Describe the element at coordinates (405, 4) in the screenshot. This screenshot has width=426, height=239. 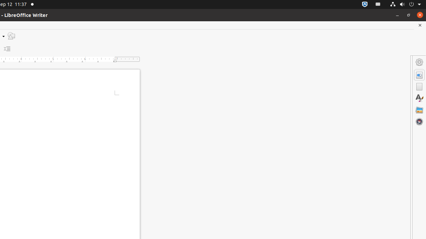
I see `'System'` at that location.